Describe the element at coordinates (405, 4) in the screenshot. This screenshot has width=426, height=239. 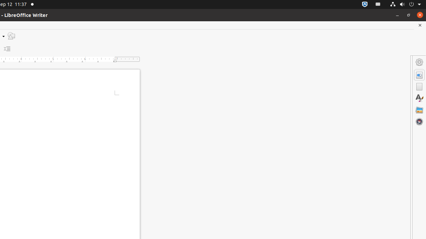
I see `'System'` at that location.